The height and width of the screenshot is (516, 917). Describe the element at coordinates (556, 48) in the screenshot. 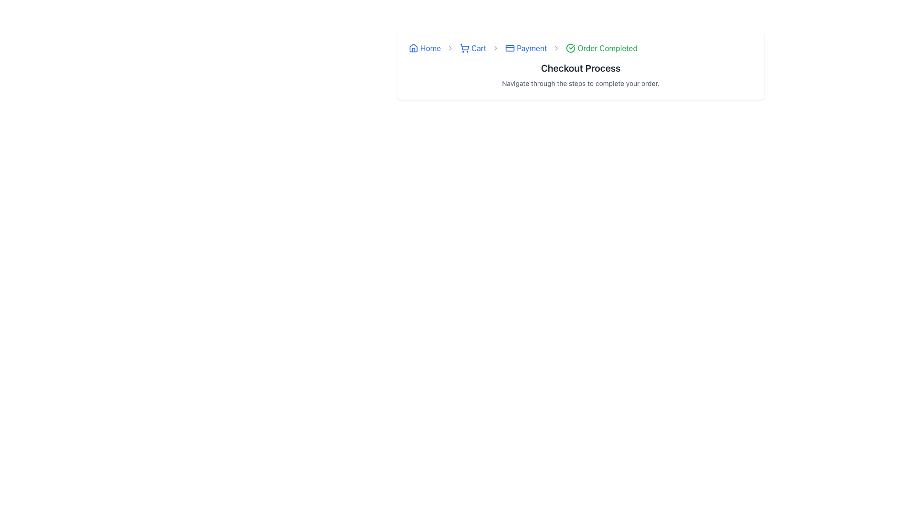

I see `the visual separator icon located between the 'Payment' and 'Order Completed' labels in the breadcrumb navigation` at that location.